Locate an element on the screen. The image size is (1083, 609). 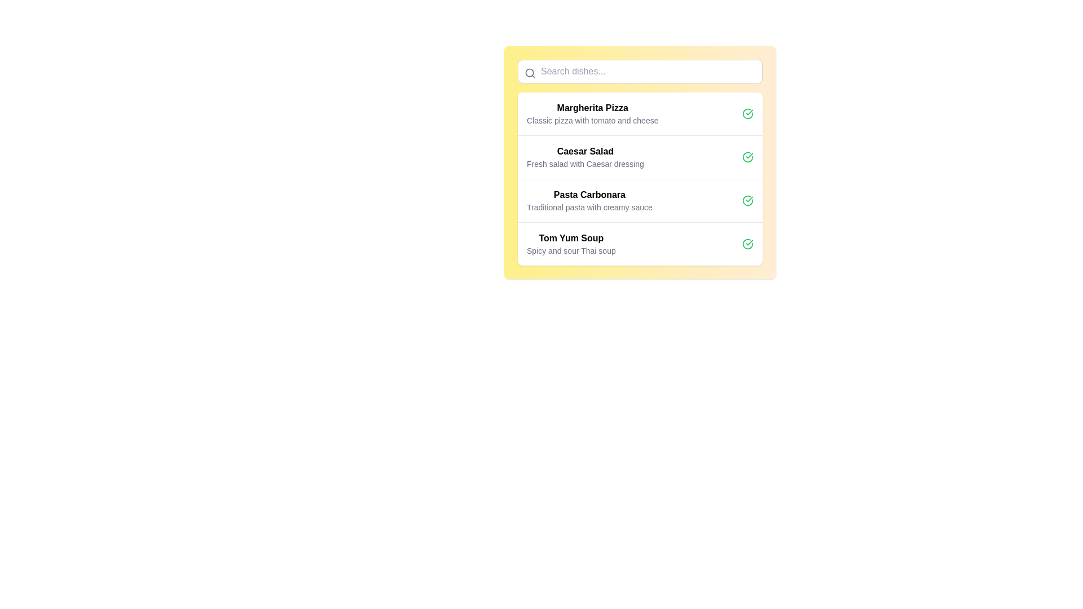
the green circular Status icon with a check mark symbol, located to the far right of the 'Margherita Pizza' item, aligning vertically with its title and description is located at coordinates (747, 113).